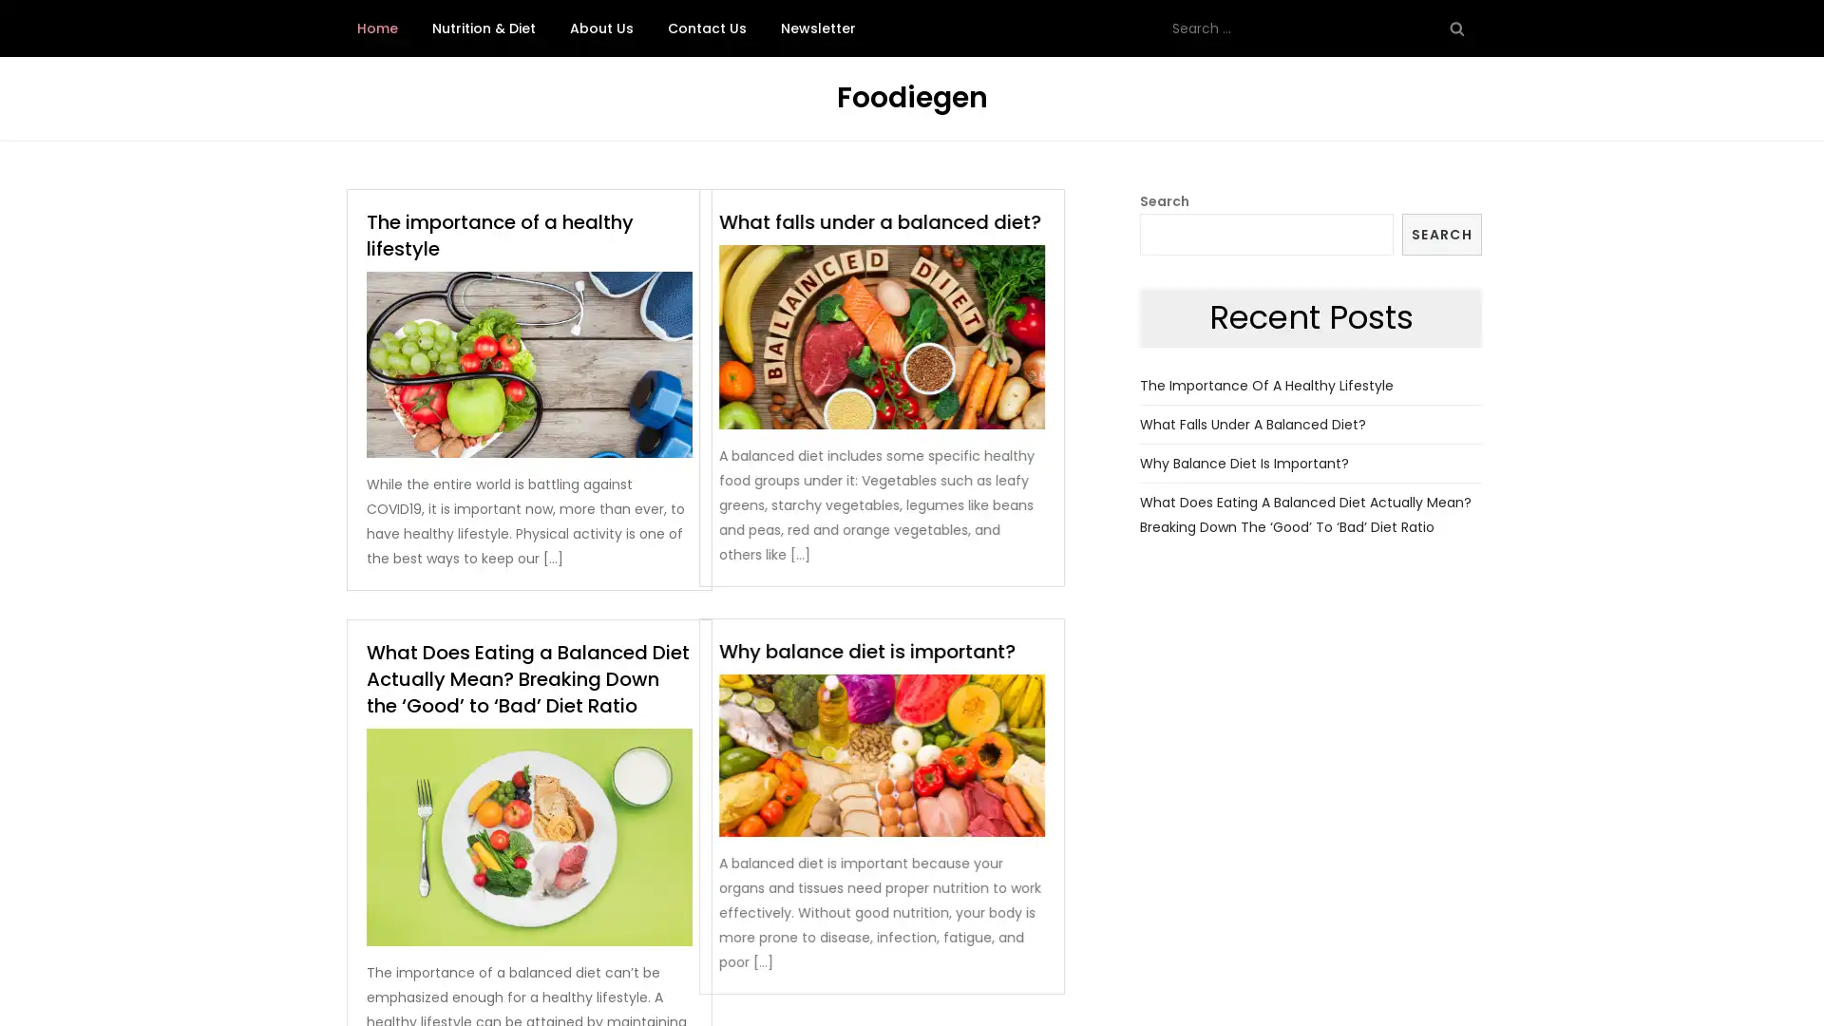 This screenshot has height=1026, width=1824. Describe the element at coordinates (1441, 233) in the screenshot. I see `SEARCH` at that location.